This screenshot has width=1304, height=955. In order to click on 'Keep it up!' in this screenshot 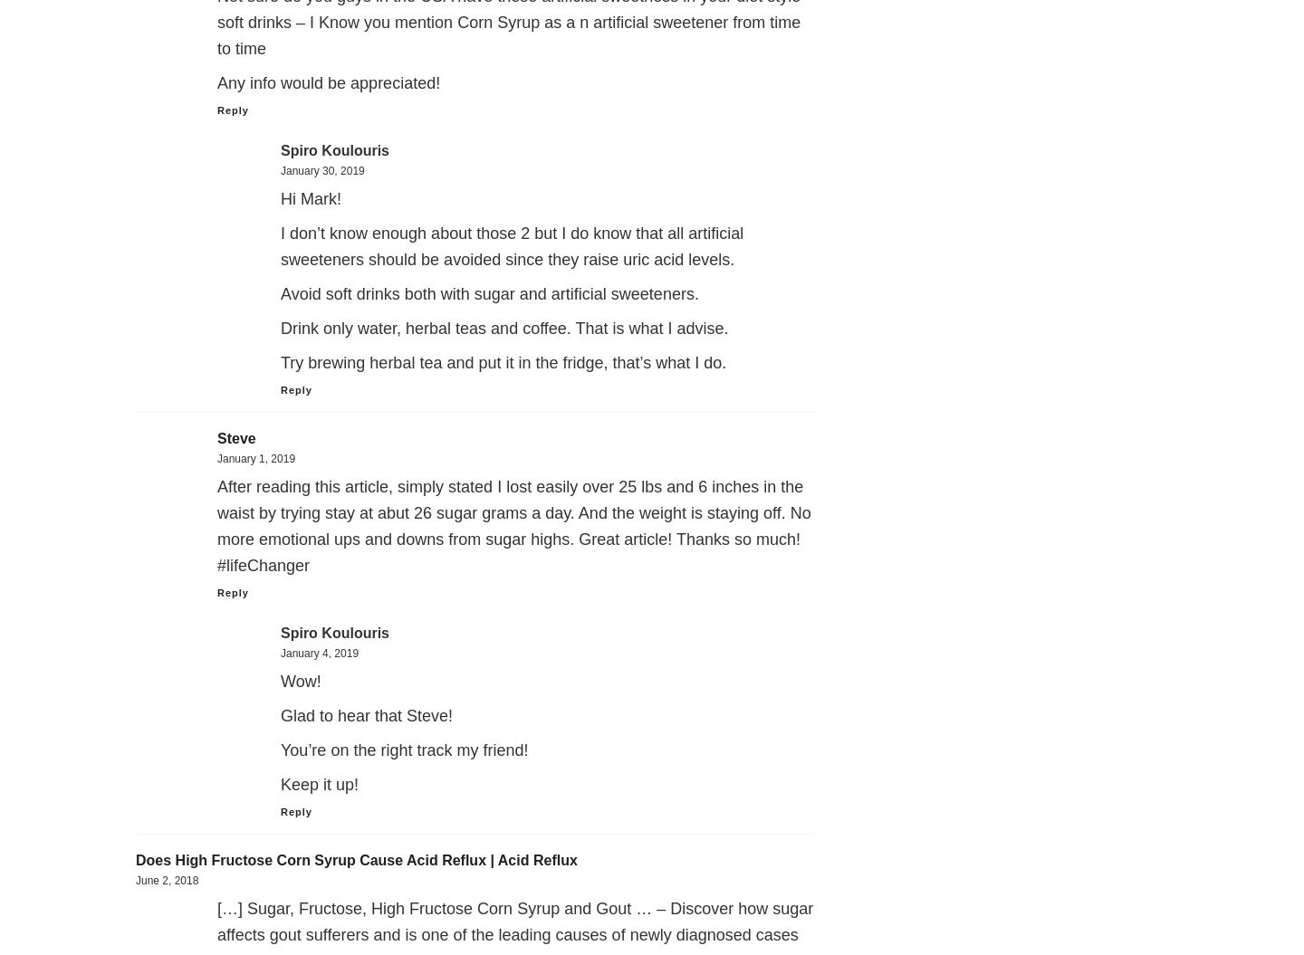, I will do `click(281, 784)`.